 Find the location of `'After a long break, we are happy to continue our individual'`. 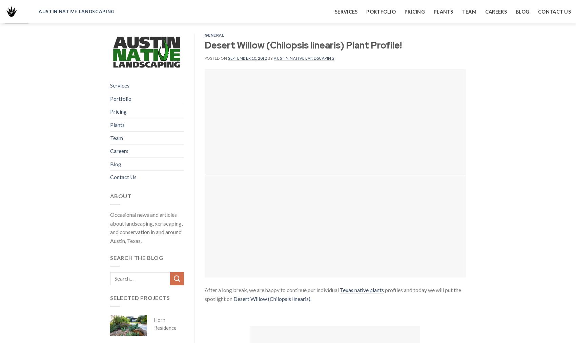

'After a long break, we are happy to continue our individual' is located at coordinates (204, 290).